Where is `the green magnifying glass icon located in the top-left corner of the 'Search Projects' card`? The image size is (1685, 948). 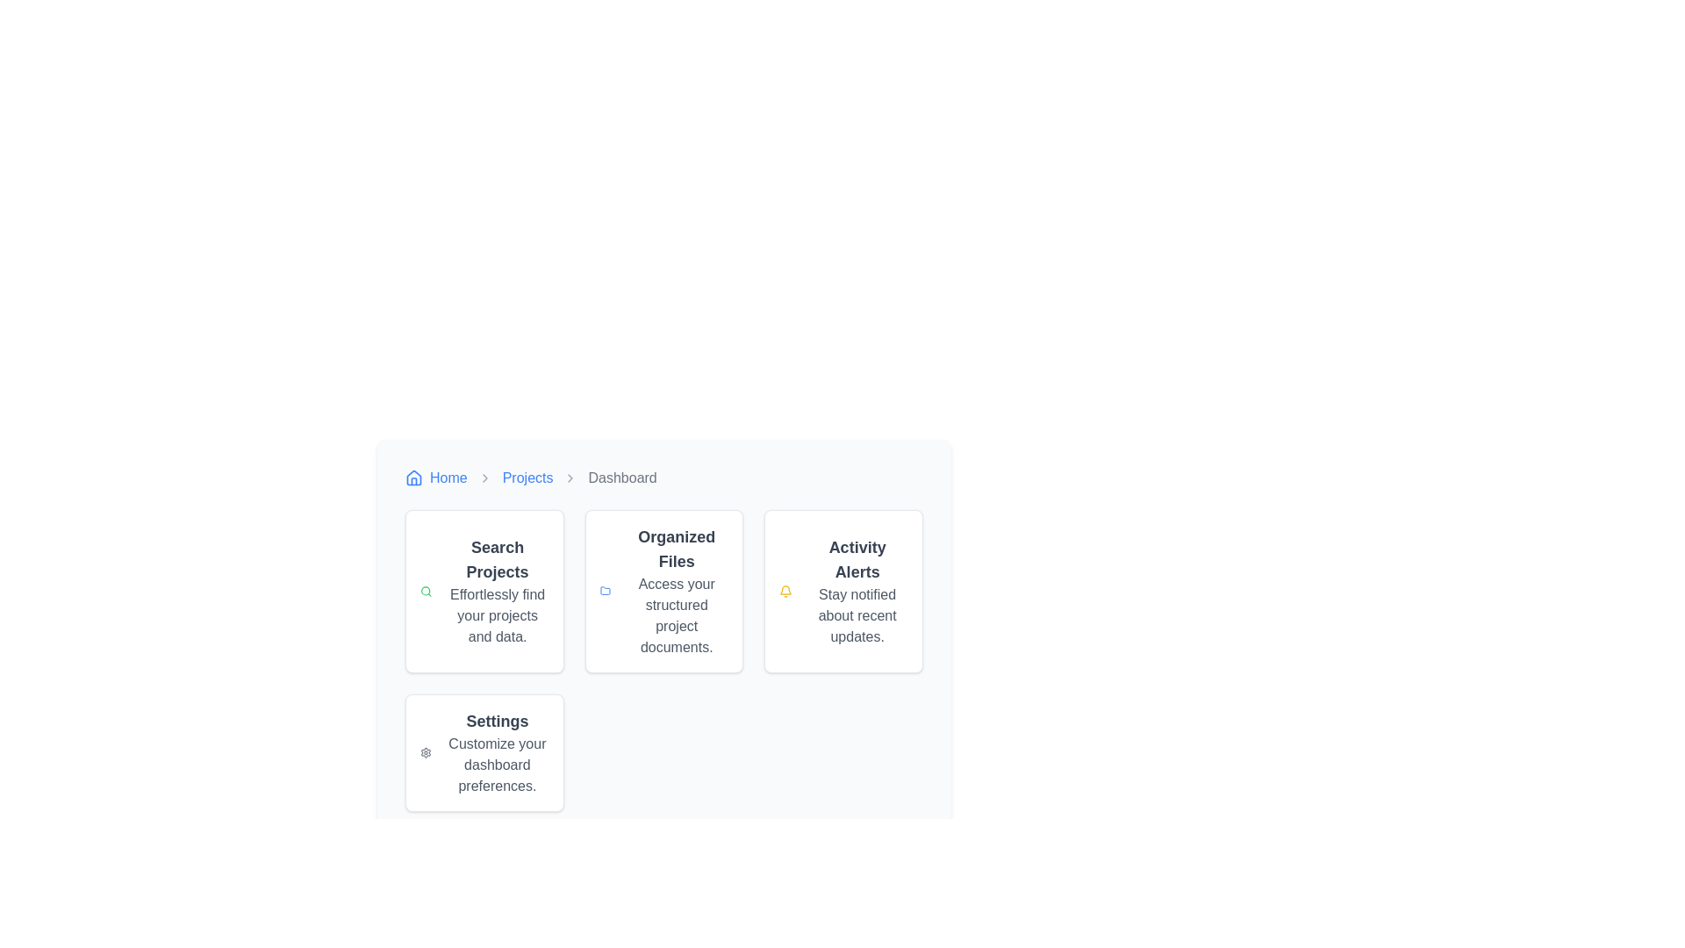
the green magnifying glass icon located in the top-left corner of the 'Search Projects' card is located at coordinates (426, 592).